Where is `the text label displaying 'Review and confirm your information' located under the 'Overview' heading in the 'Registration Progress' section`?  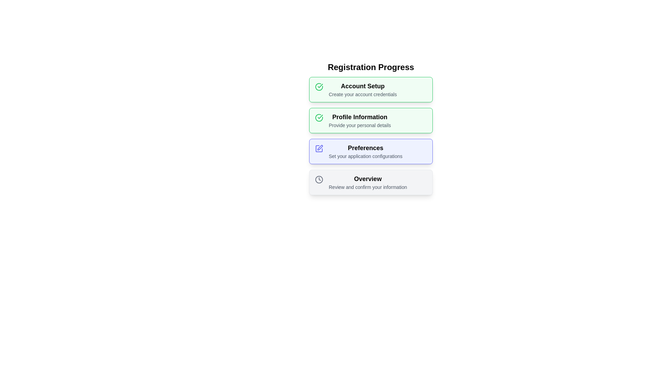
the text label displaying 'Review and confirm your information' located under the 'Overview' heading in the 'Registration Progress' section is located at coordinates (367, 187).